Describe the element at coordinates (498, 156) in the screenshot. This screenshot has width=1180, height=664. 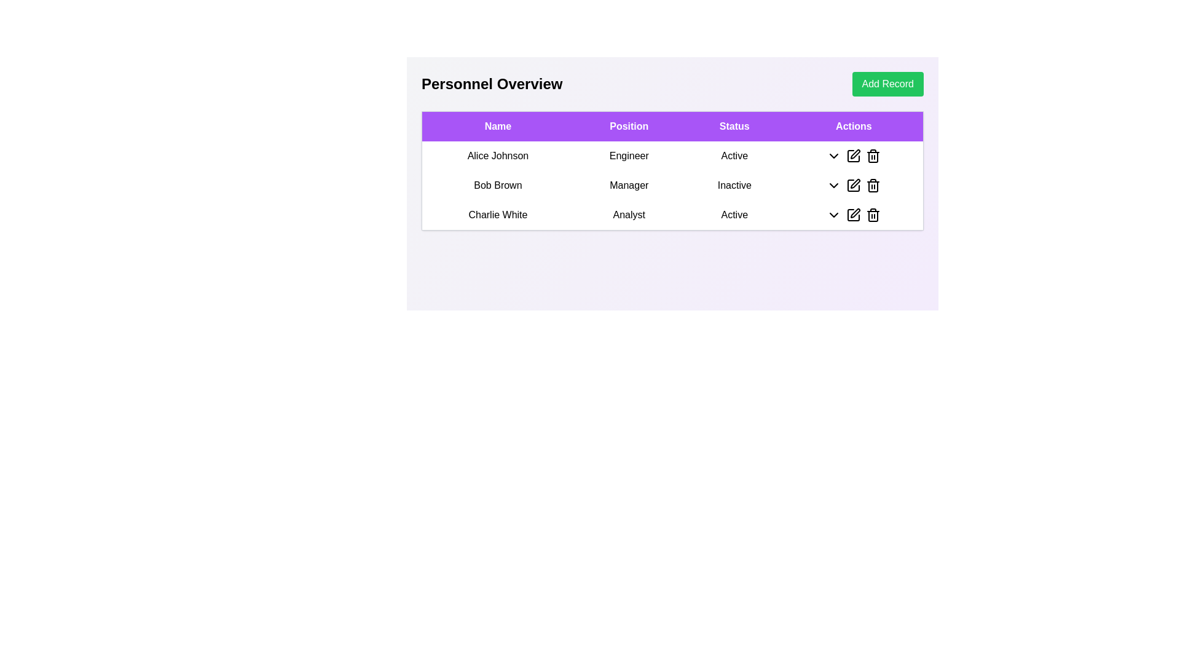
I see `the static text label for the individual 'Alice Johnson' in the personnel table, located in the leftmost column under the 'Name' header` at that location.